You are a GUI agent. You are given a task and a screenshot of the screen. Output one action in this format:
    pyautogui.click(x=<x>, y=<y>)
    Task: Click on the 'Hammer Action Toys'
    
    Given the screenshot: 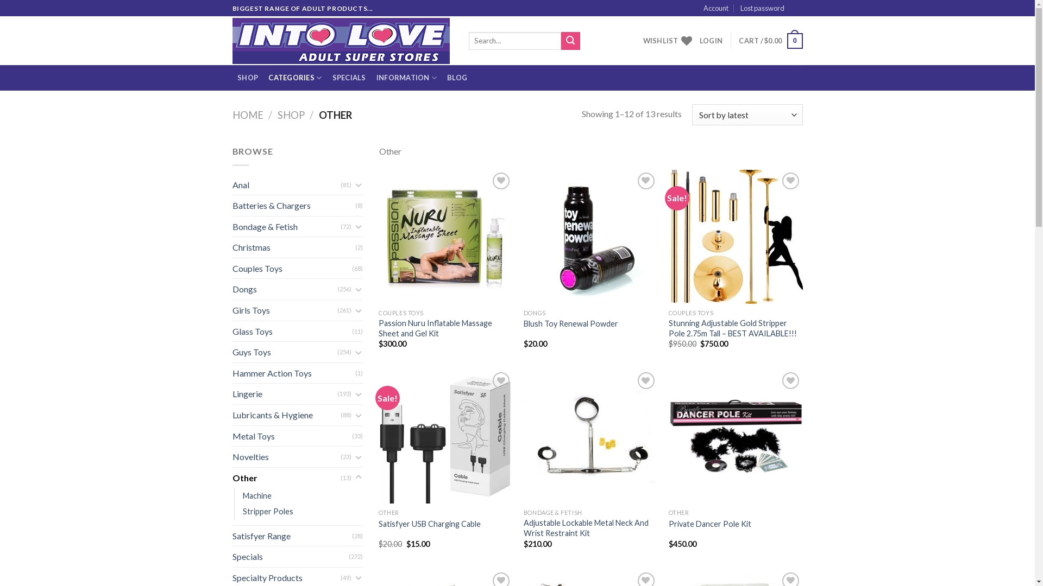 What is the action you would take?
    pyautogui.click(x=231, y=372)
    